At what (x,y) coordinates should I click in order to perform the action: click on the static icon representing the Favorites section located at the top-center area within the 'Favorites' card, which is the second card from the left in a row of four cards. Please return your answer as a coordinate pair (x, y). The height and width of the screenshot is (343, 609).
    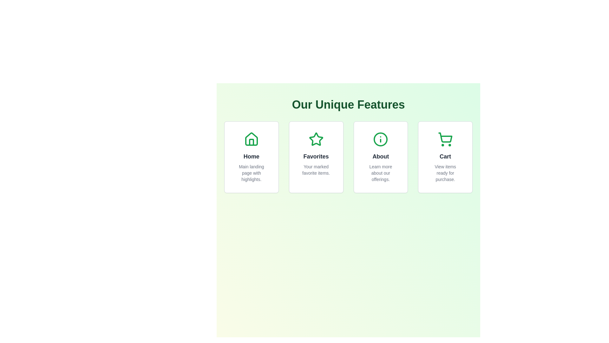
    Looking at the image, I should click on (316, 139).